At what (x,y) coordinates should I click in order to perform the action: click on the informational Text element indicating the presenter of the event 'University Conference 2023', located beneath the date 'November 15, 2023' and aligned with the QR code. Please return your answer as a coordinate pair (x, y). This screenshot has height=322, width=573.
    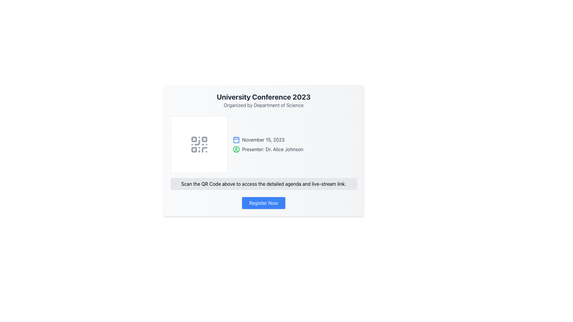
    Looking at the image, I should click on (295, 149).